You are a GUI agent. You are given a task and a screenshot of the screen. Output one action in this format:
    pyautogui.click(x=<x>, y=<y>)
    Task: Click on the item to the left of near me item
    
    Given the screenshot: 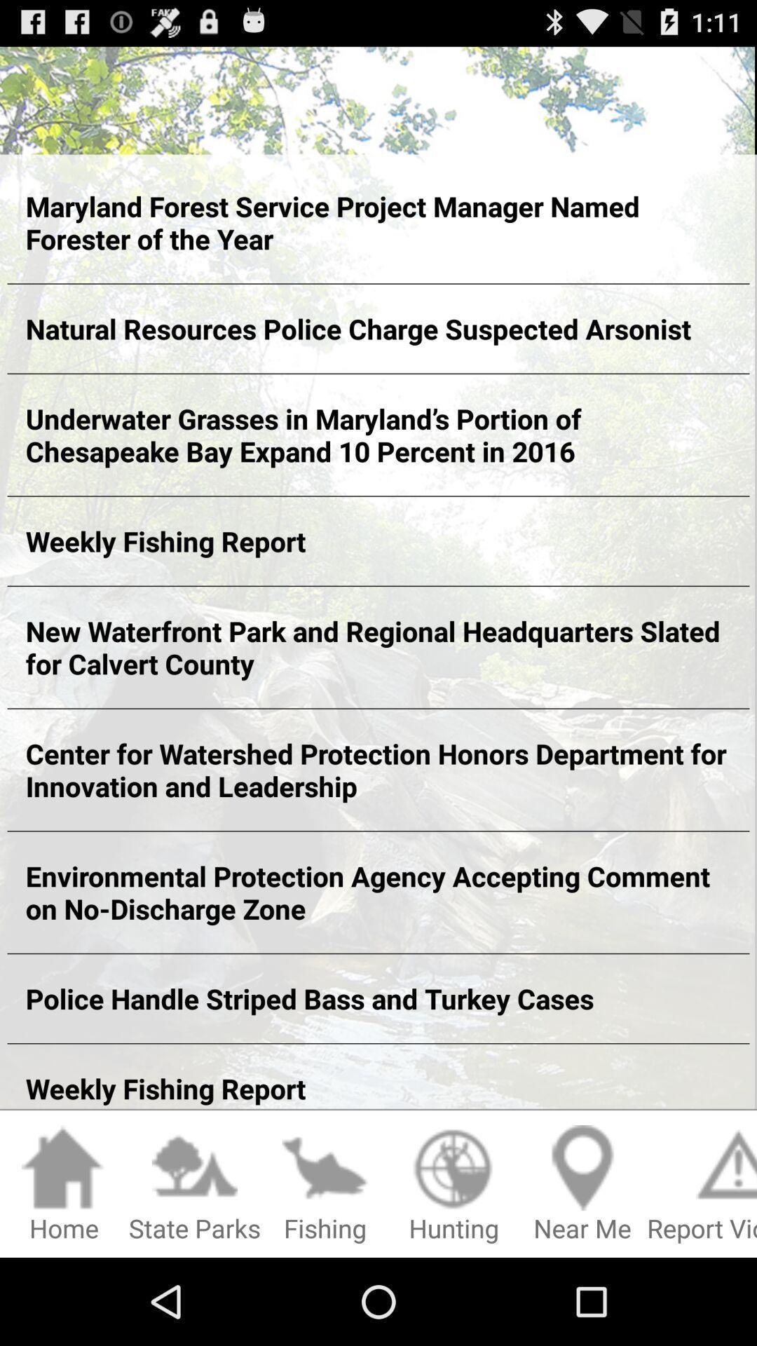 What is the action you would take?
    pyautogui.click(x=453, y=1184)
    